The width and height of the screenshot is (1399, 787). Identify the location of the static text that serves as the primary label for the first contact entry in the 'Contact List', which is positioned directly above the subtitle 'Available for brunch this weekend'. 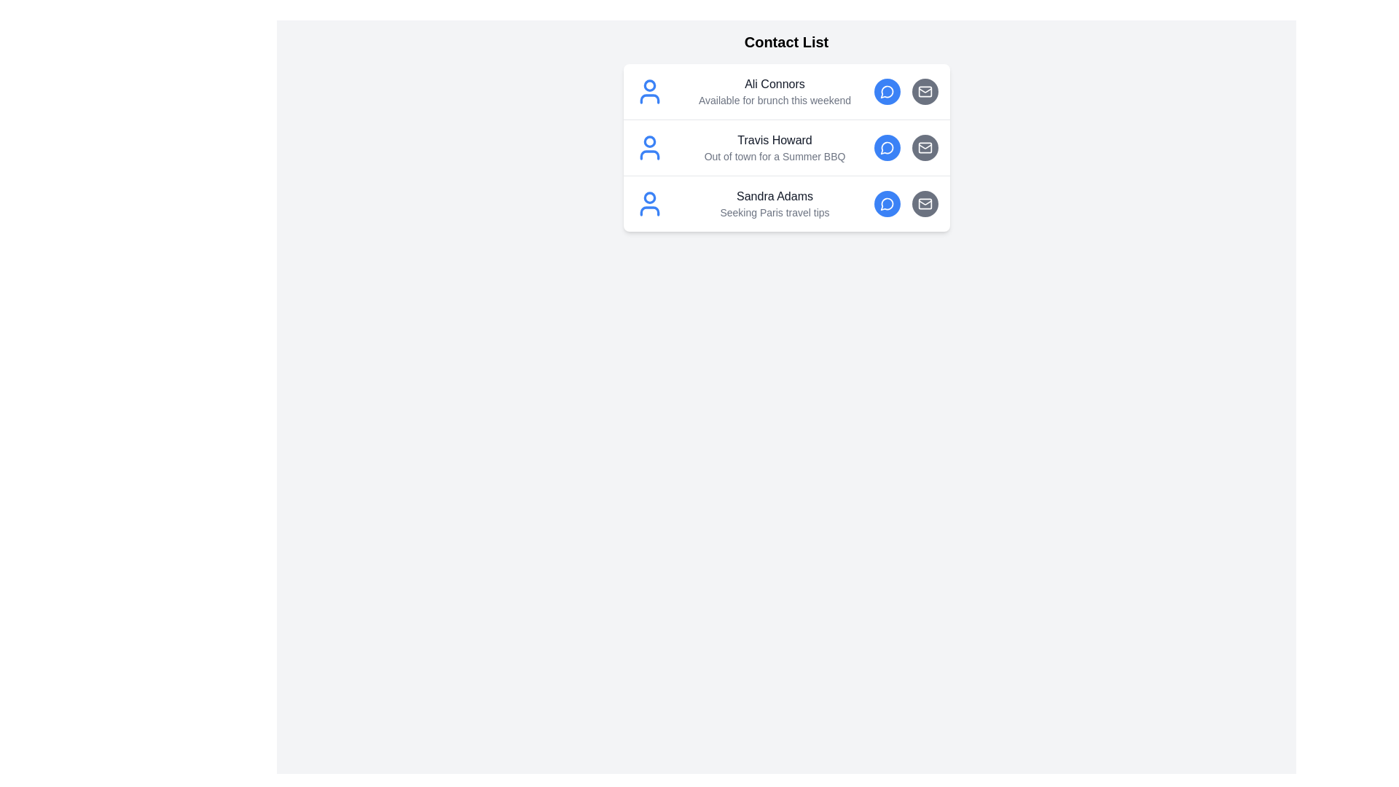
(774, 84).